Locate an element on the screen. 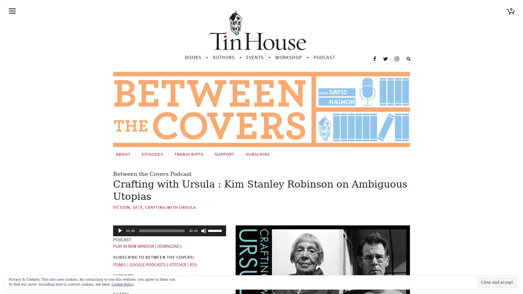 The height and width of the screenshot is (294, 523). Mute is located at coordinates (203, 231).